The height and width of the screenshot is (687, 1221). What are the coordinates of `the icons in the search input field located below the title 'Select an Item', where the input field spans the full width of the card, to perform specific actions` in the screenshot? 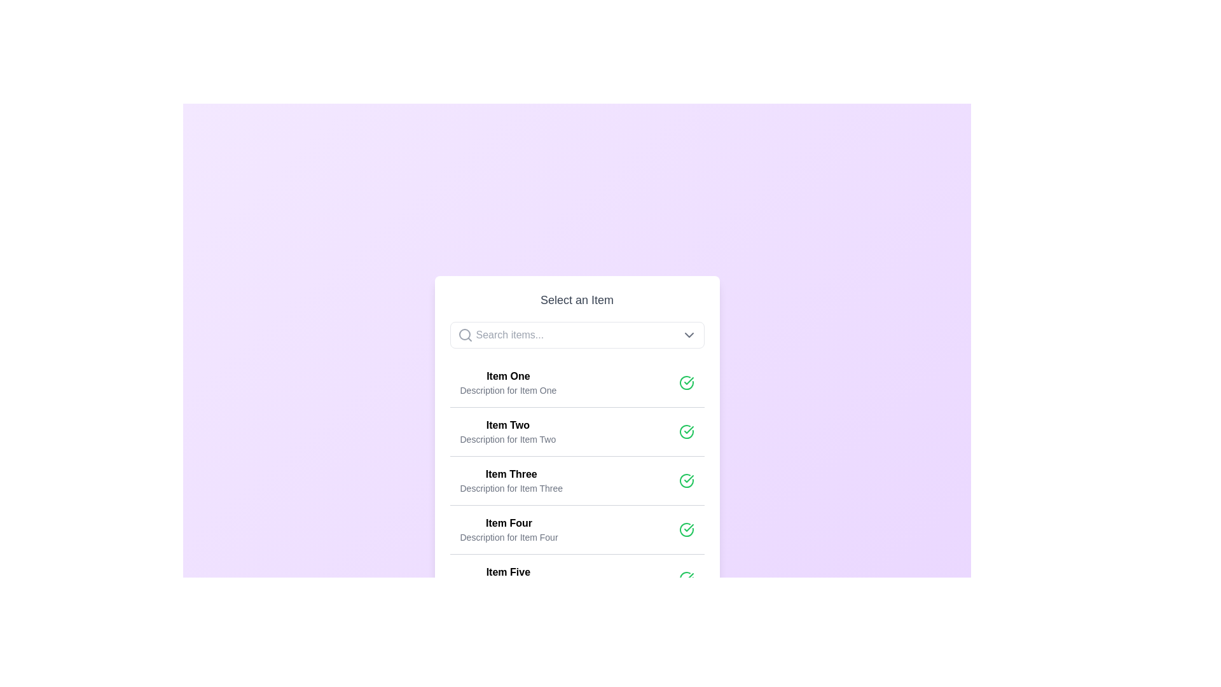 It's located at (576, 335).